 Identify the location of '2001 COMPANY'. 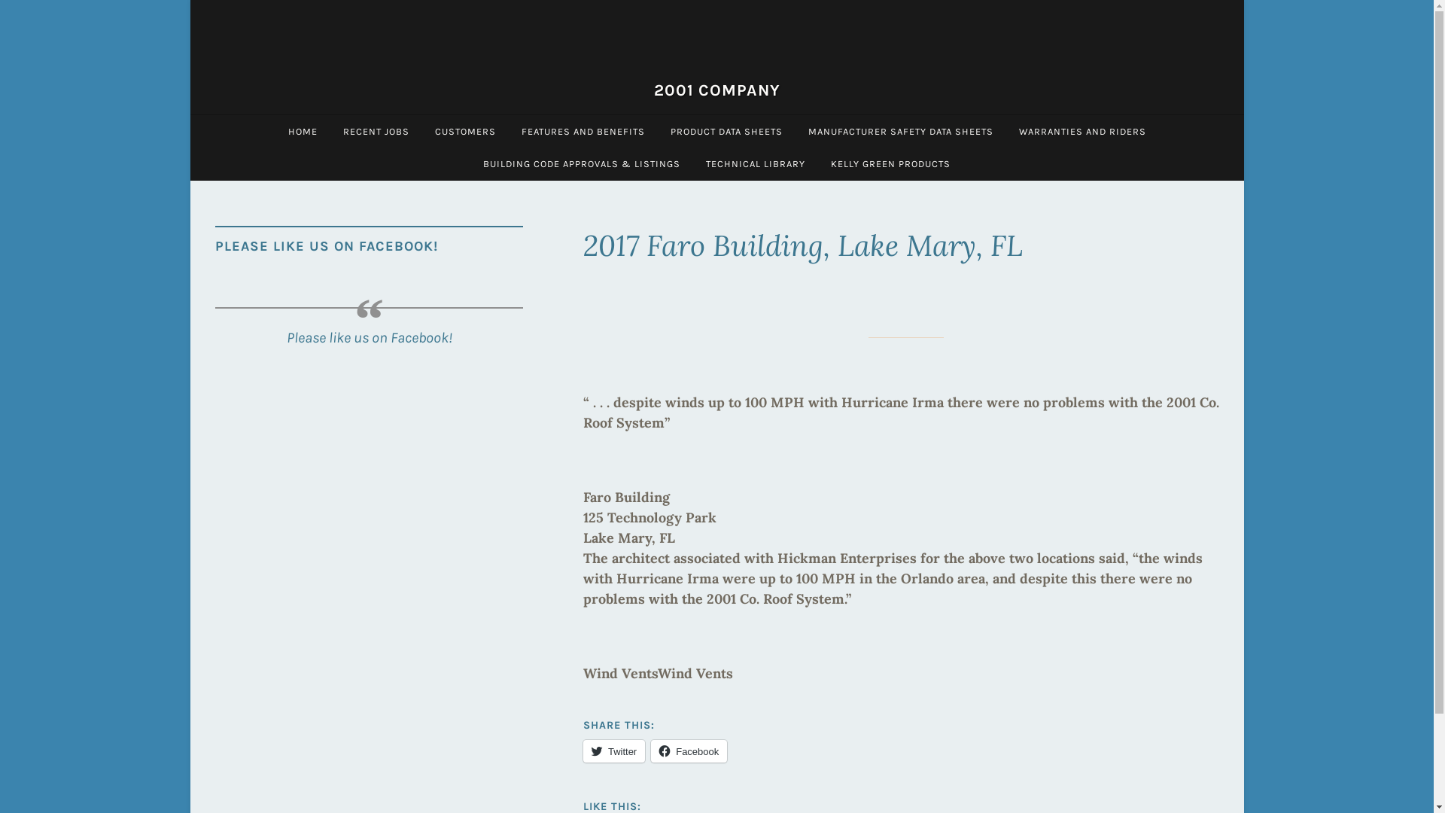
(715, 90).